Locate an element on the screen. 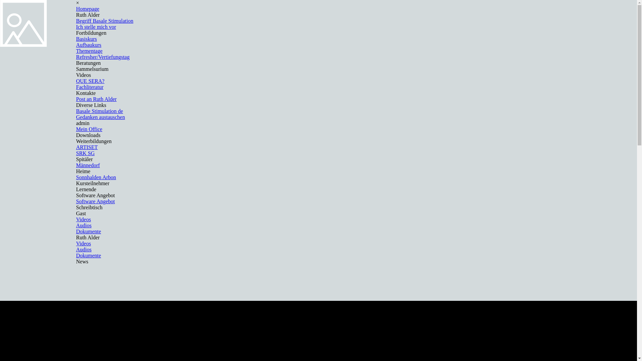  'Videos' is located at coordinates (83, 243).